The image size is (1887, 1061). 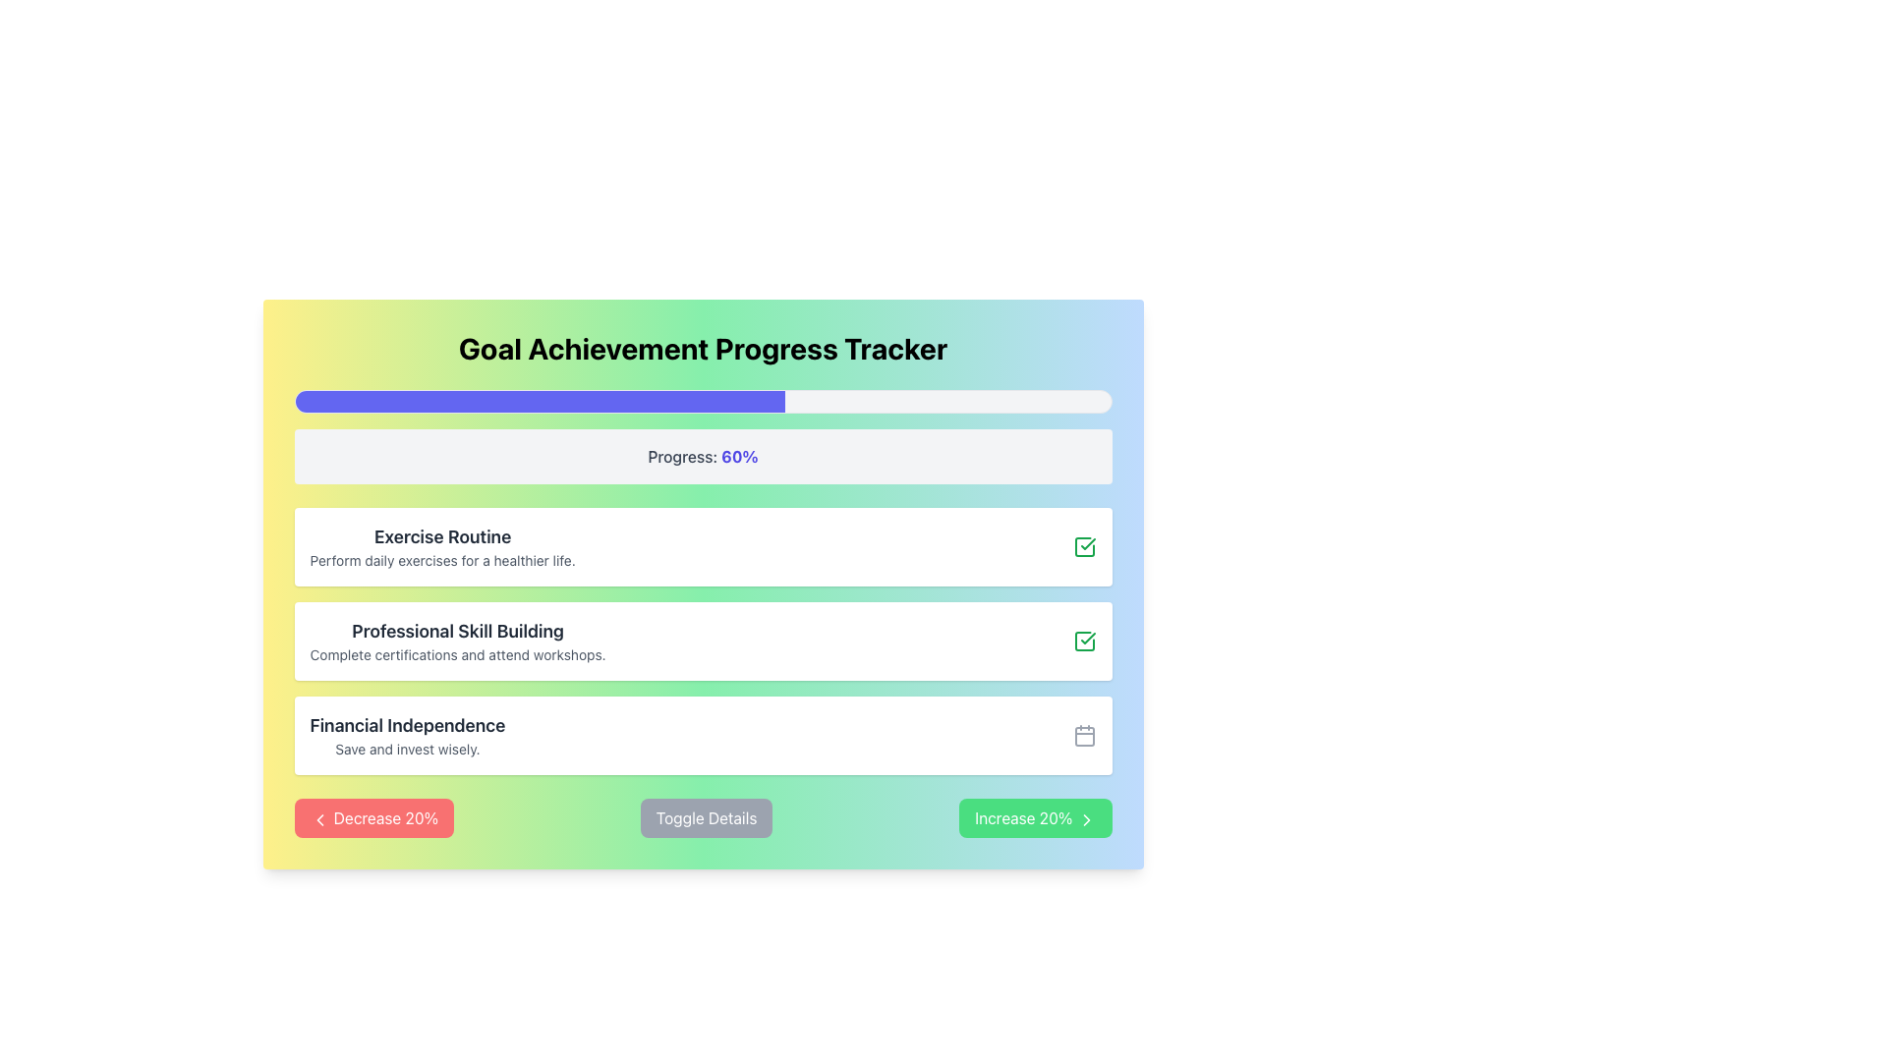 What do you see at coordinates (406, 735) in the screenshot?
I see `information presented in the Text Block about financial independence and investment strategies, which is located in a rounded rectangular card under 'Goal Achievement Progress Tracker'` at bounding box center [406, 735].